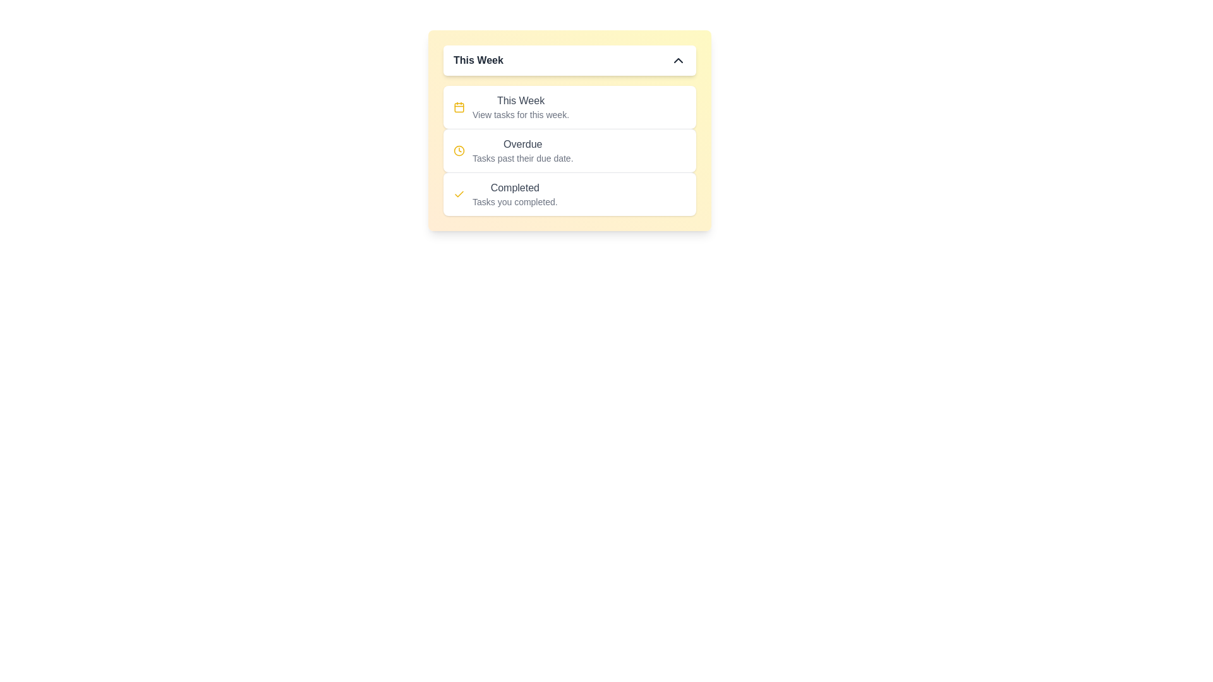  What do you see at coordinates (569, 61) in the screenshot?
I see `the header button to toggle the menu` at bounding box center [569, 61].